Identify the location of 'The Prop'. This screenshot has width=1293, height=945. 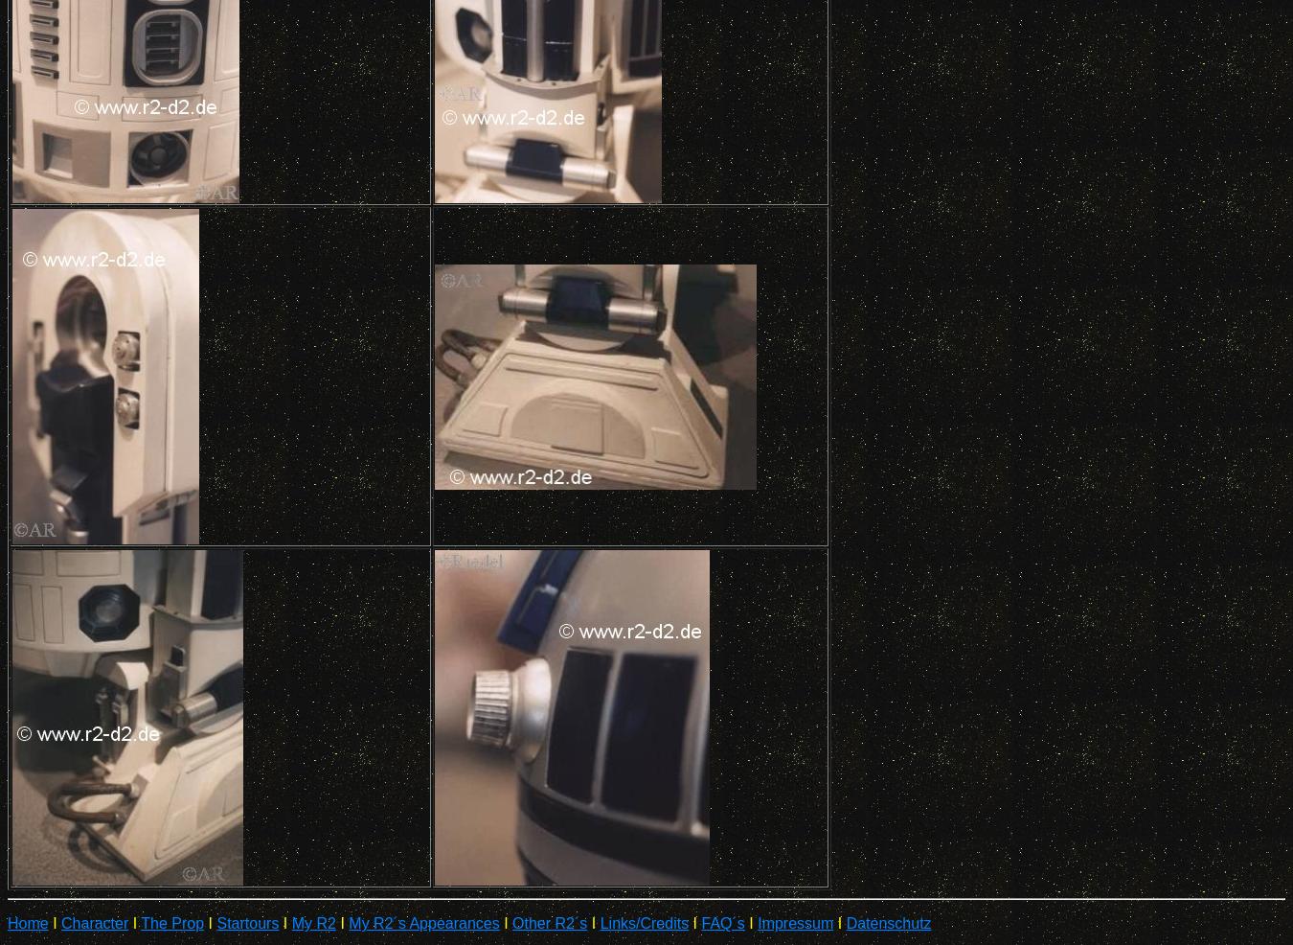
(171, 923).